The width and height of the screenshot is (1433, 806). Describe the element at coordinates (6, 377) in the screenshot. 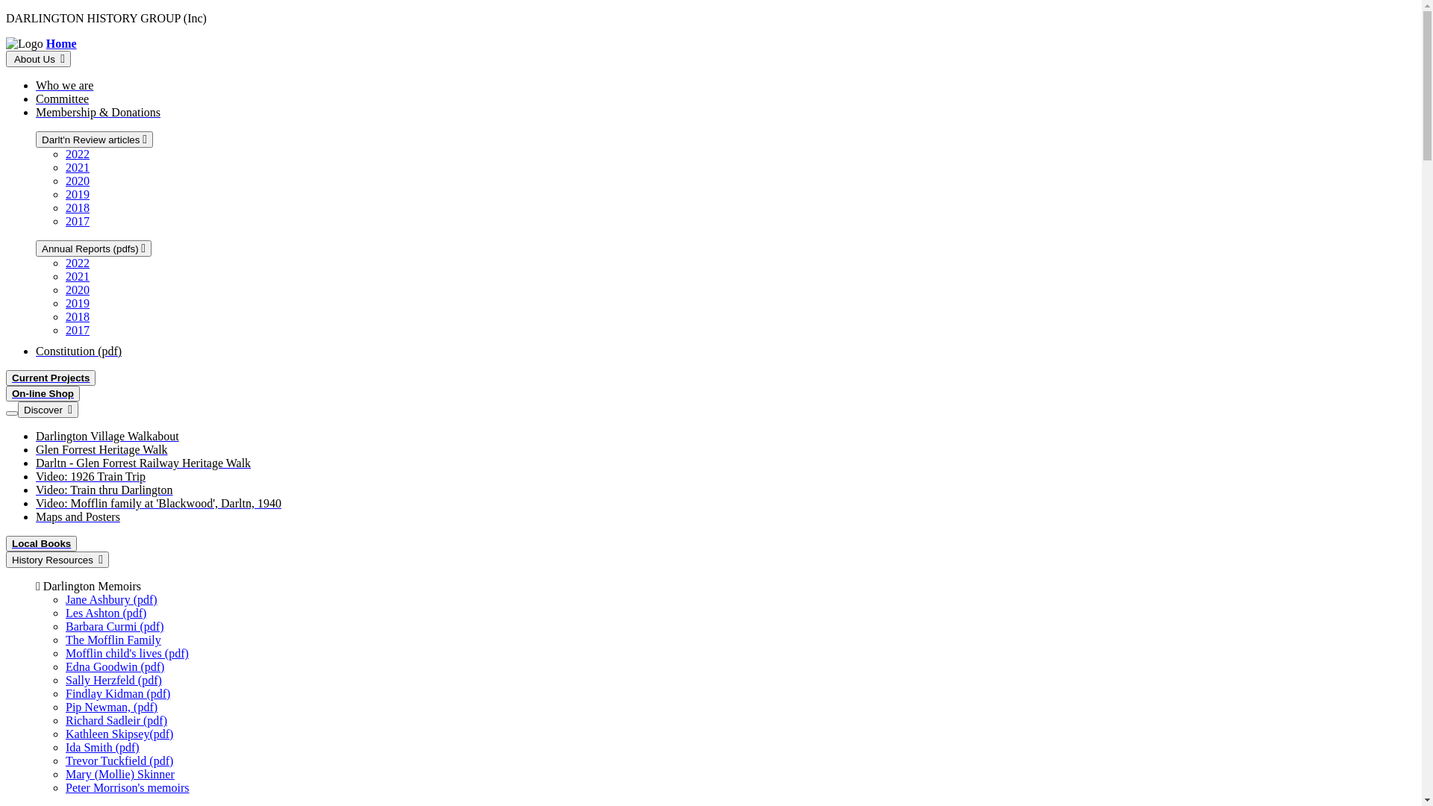

I see `'Current Projects'` at that location.